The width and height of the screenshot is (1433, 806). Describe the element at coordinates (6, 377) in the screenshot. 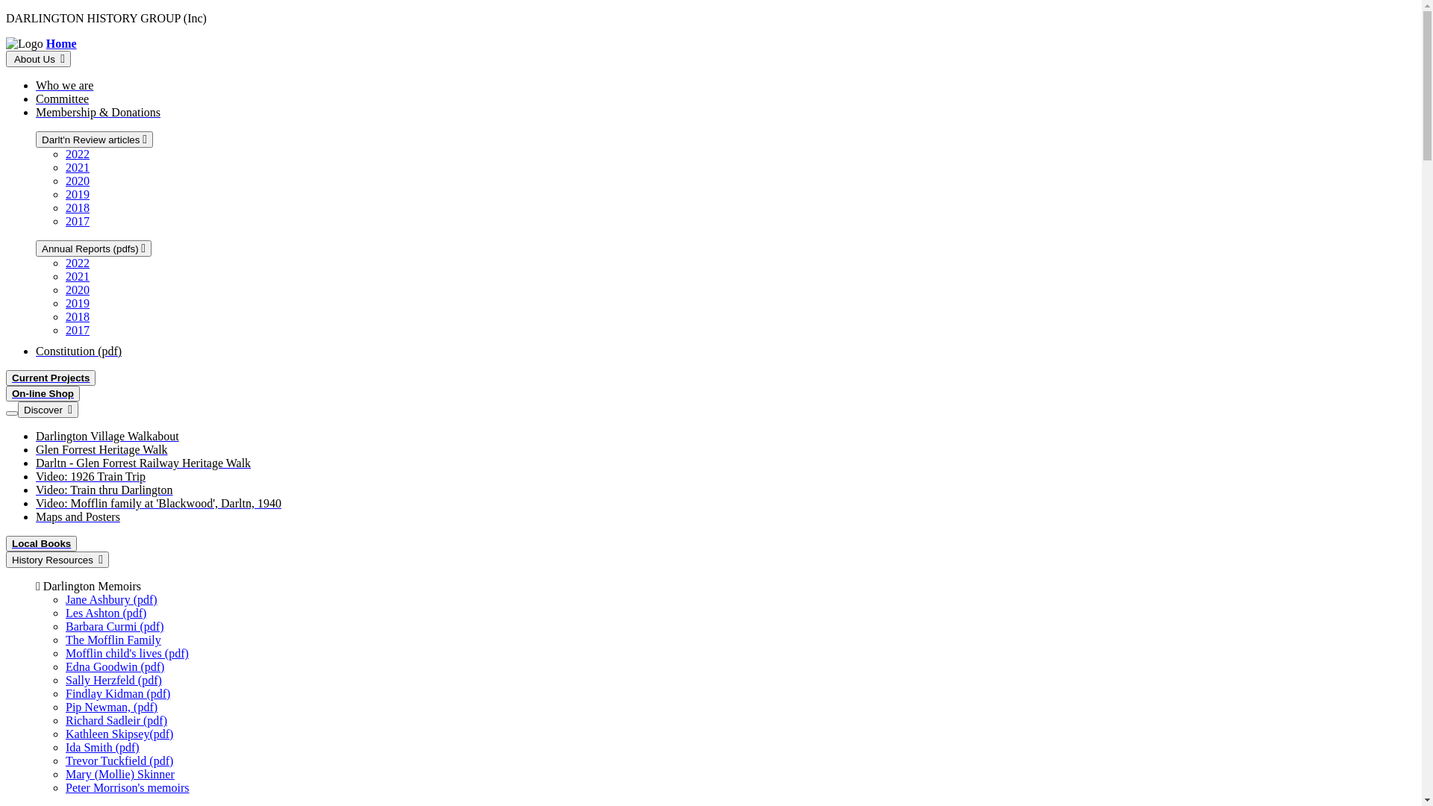

I see `'Current Projects'` at that location.